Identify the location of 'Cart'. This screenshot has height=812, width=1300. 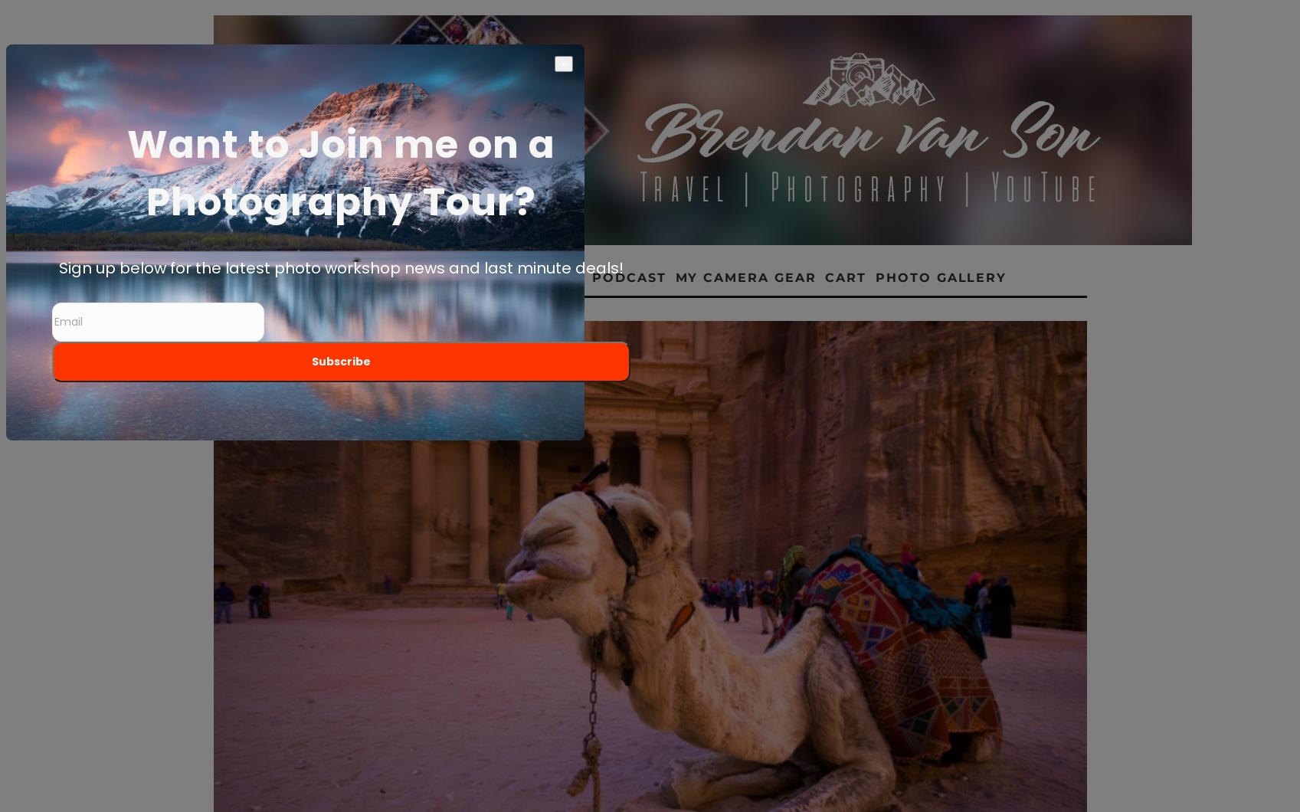
(846, 277).